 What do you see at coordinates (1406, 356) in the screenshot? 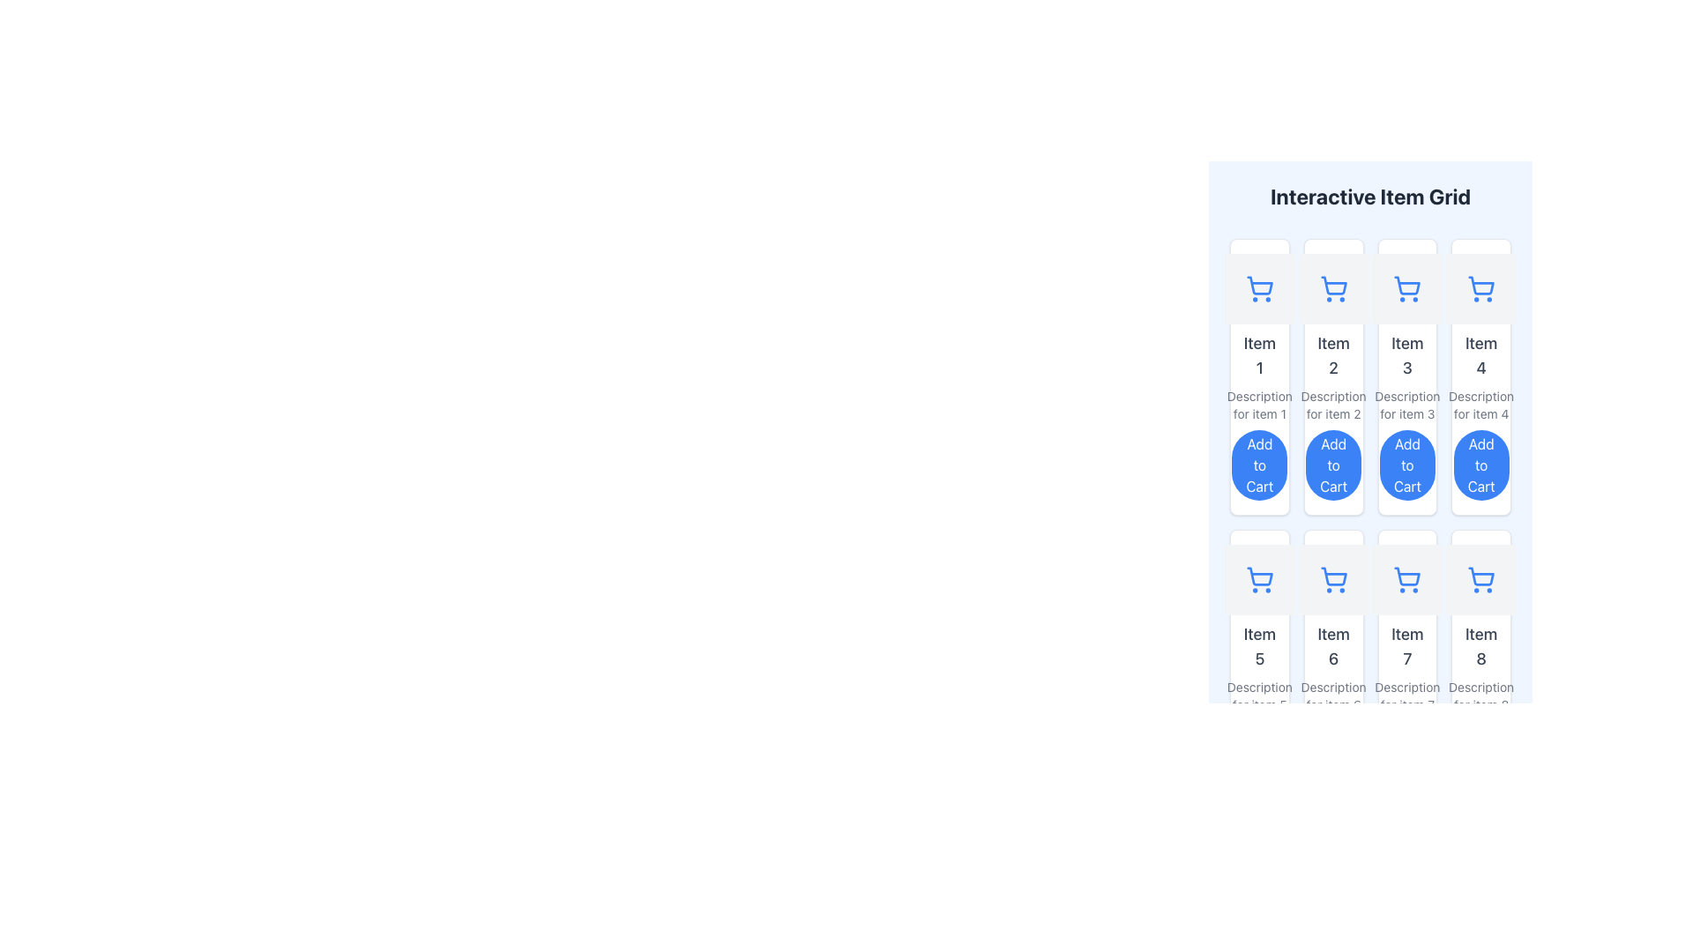
I see `Text Label that serves as a title for an item within the interactive grid layout, located above the description text and below the shopping cart graphic` at bounding box center [1406, 356].